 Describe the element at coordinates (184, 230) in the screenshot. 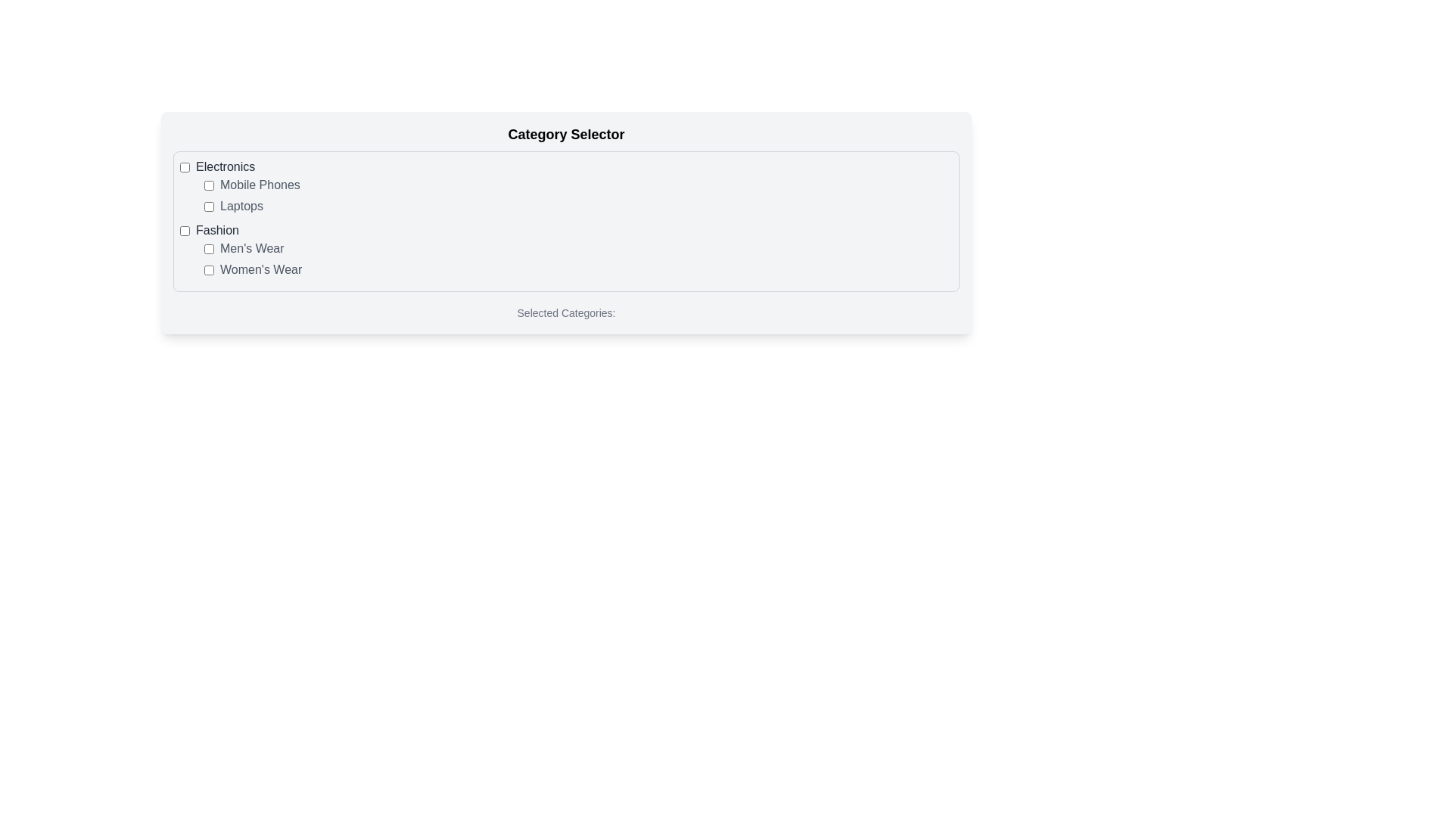

I see `the checkbox` at that location.